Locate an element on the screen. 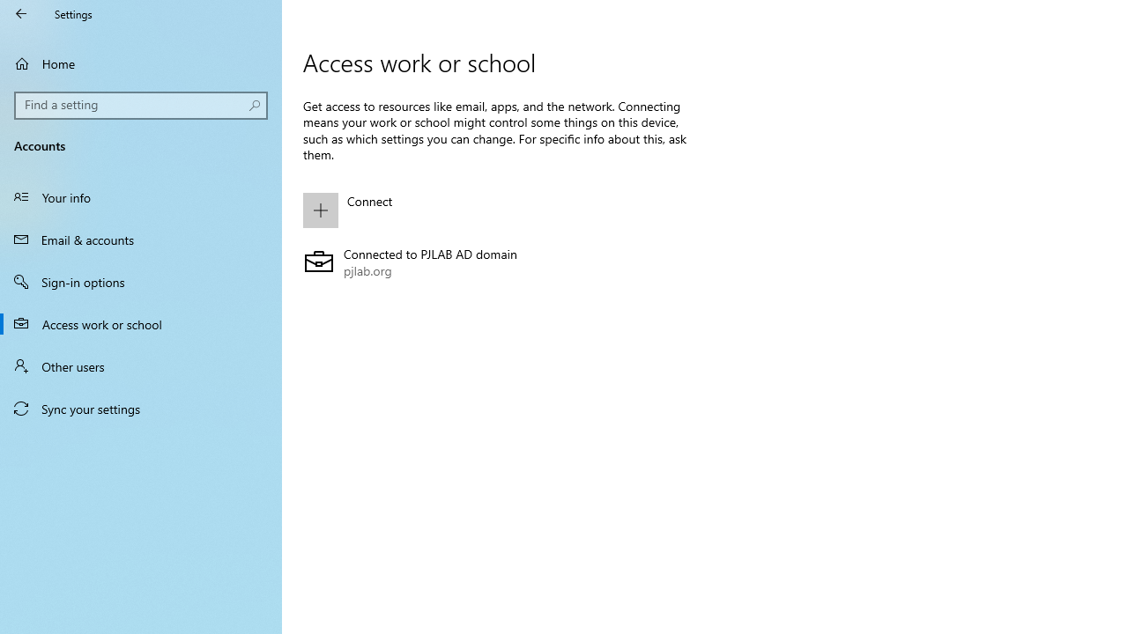 This screenshot has width=1128, height=634. 'Connected to PJLAB AD domain pjlab.org' is located at coordinates (495, 263).